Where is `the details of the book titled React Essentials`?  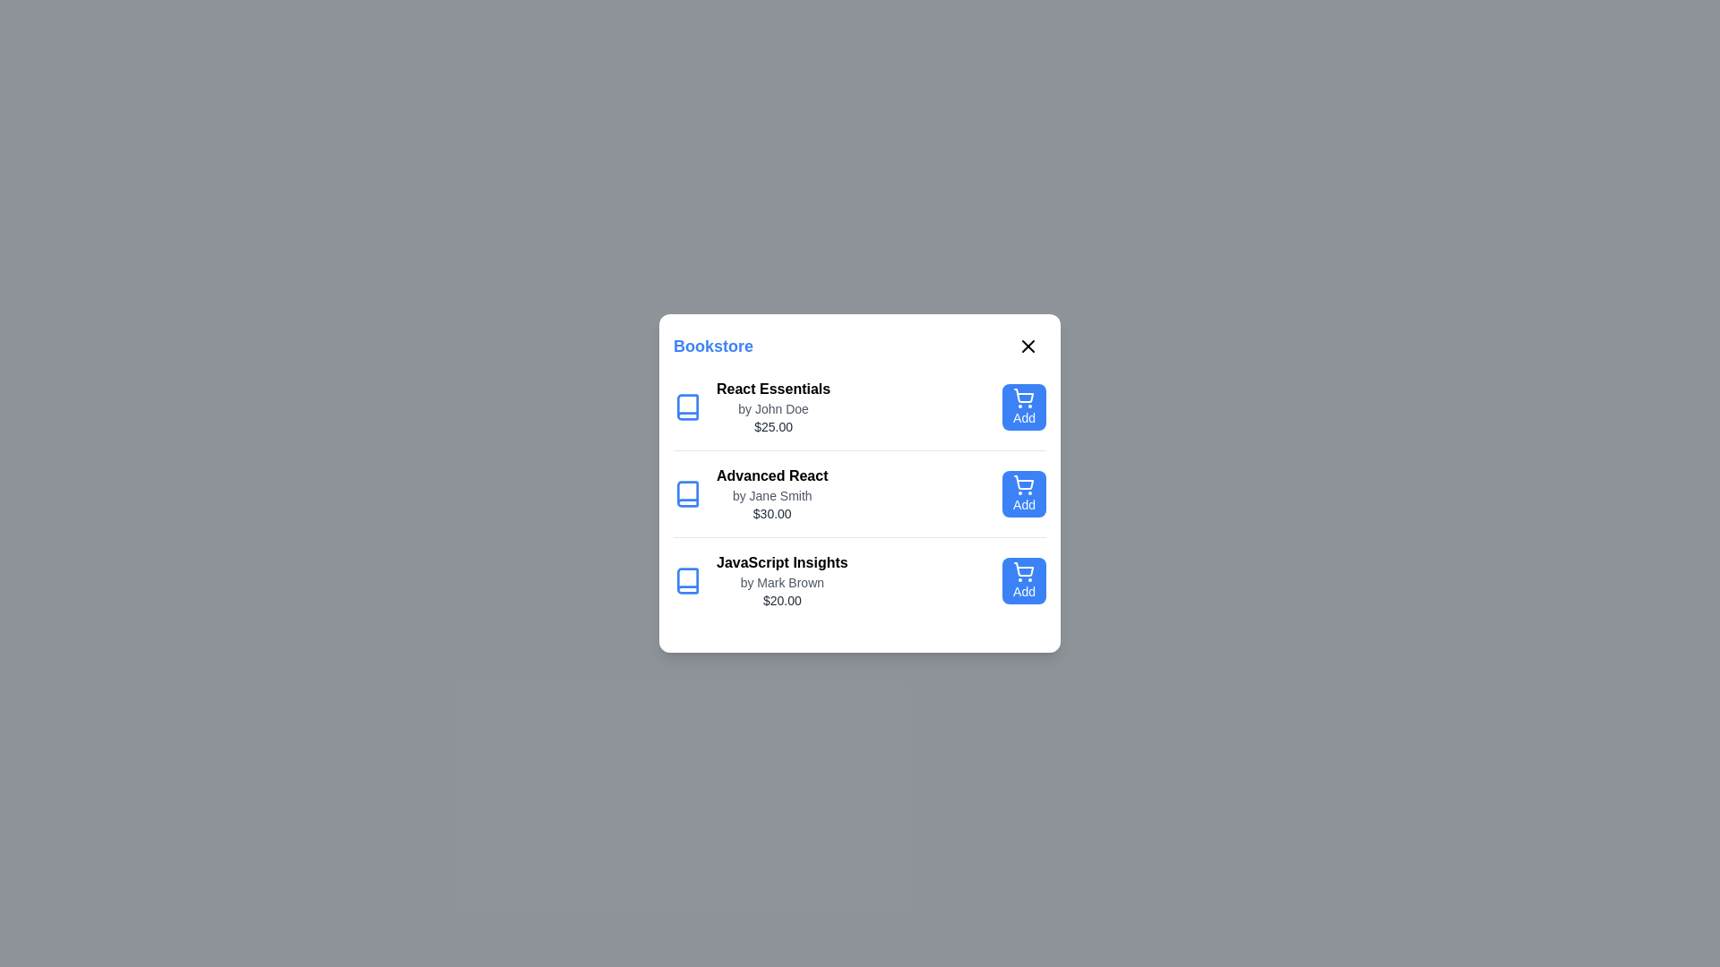
the details of the book titled React Essentials is located at coordinates (770, 407).